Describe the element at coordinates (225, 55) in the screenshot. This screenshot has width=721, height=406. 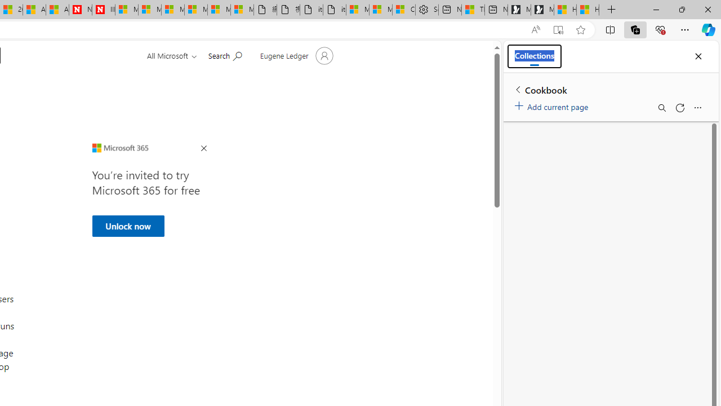
I see `'Search for help'` at that location.